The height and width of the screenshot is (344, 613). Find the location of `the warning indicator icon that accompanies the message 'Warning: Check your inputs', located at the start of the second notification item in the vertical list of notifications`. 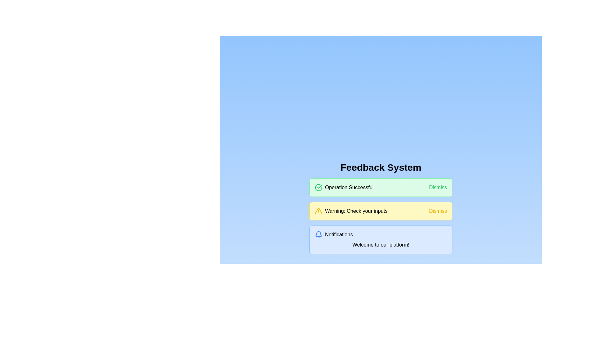

the warning indicator icon that accompanies the message 'Warning: Check your inputs', located at the start of the second notification item in the vertical list of notifications is located at coordinates (319, 211).